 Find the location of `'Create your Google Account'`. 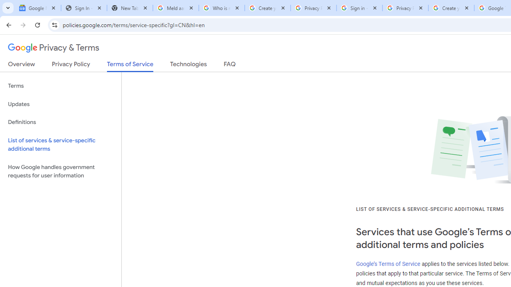

'Create your Google Account' is located at coordinates (451, 8).